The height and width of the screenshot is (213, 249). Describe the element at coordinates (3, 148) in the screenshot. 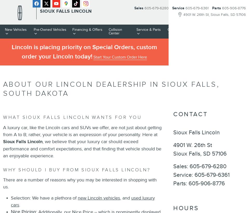

I see `', we believe that your luxury car should exceed performance and comfort expectations, and that finding that vehicle should be an enjoyable experience.'` at that location.